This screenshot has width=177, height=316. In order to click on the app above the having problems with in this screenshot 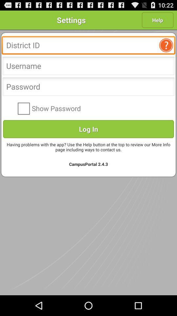, I will do `click(88, 128)`.